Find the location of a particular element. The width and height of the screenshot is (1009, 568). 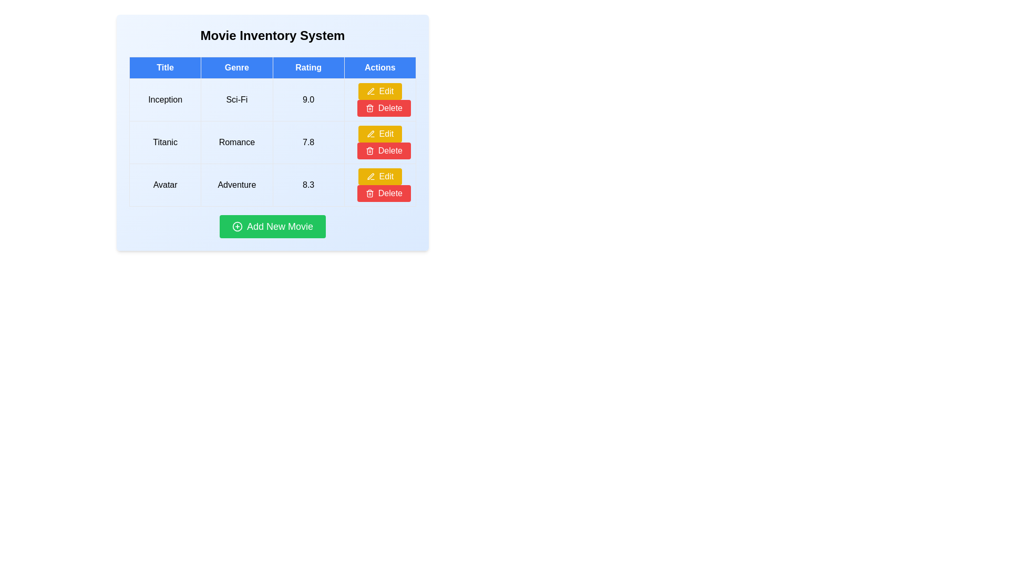

the pen-like icon with a yellow fill inside the 'Edit' button of the second row ('Titanic') is located at coordinates (370, 90).